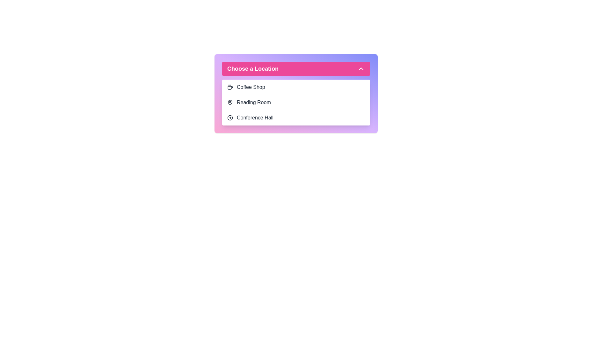 This screenshot has height=344, width=612. I want to click on the section Coffee Shop from the dropdown menu, so click(296, 87).